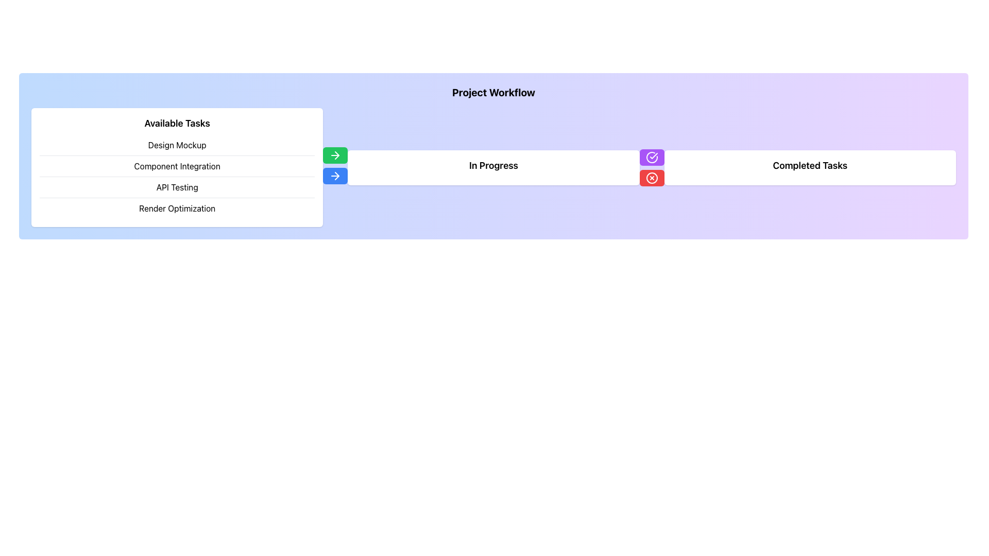 Image resolution: width=989 pixels, height=556 pixels. Describe the element at coordinates (335, 155) in the screenshot. I see `the topmost interactive button that triggers the forward or next action to observe its hover effects` at that location.